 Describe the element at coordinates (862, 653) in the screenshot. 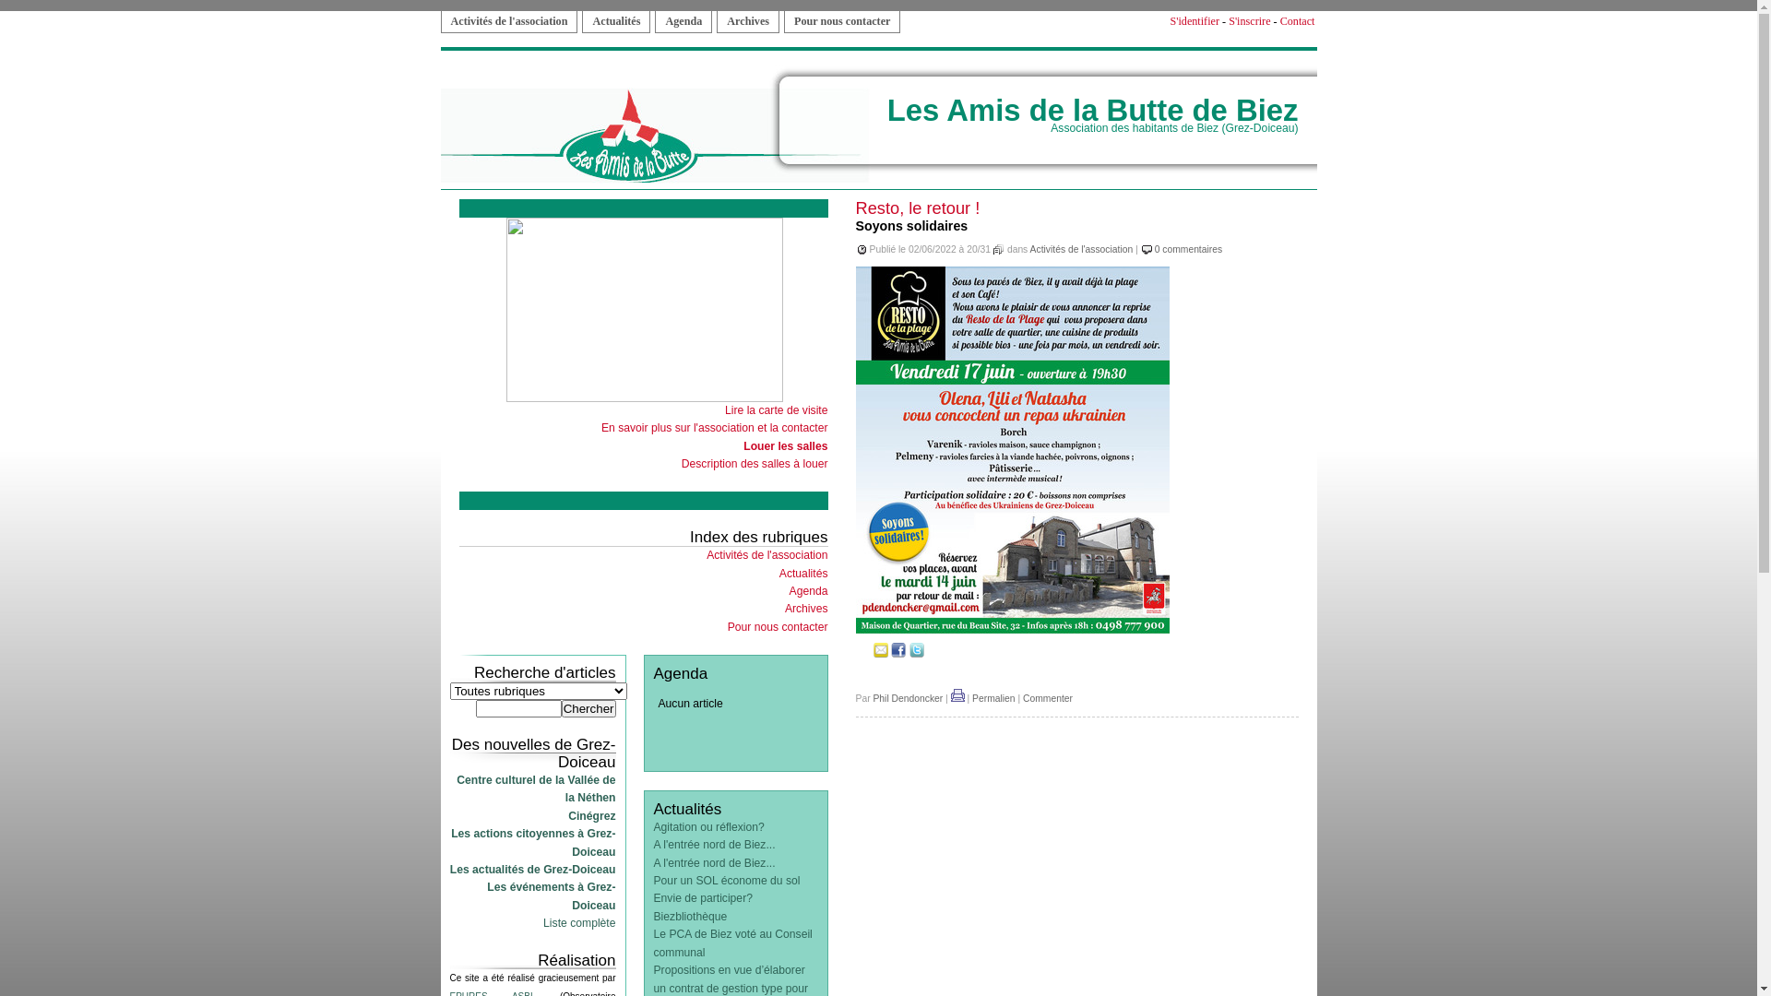

I see `'Ajouter aux favoris'` at that location.